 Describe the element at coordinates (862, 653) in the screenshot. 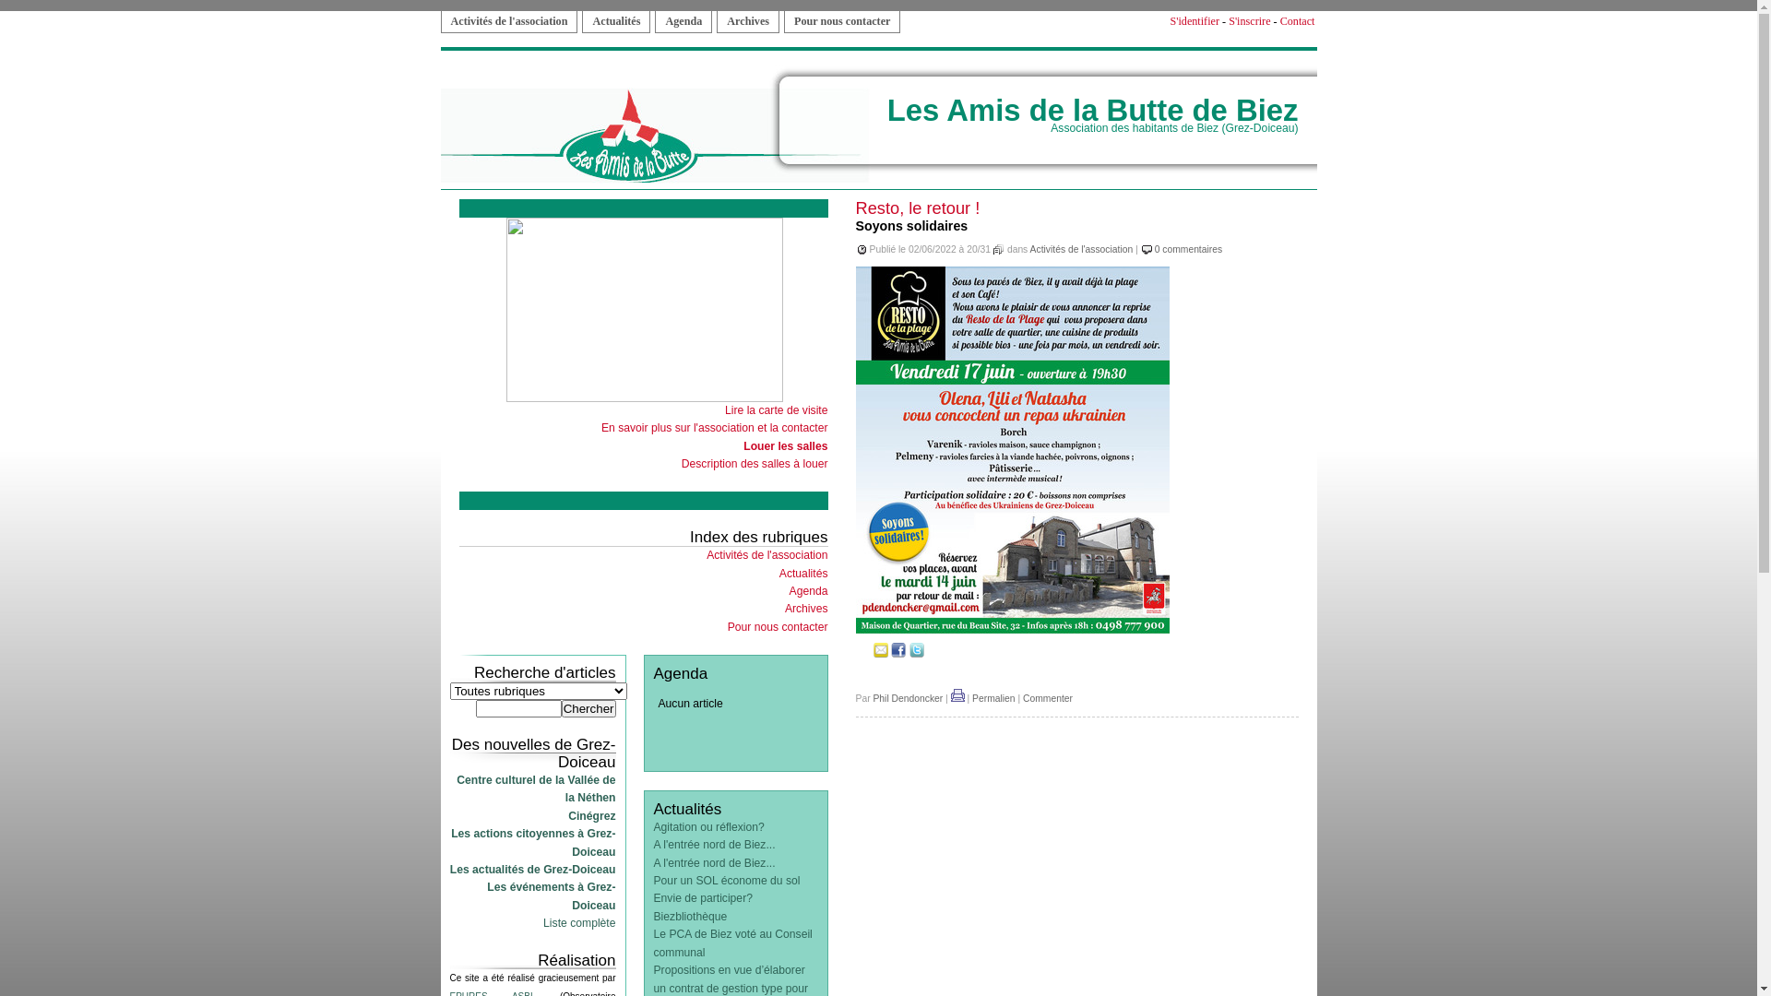

I see `'Ajouter aux favoris'` at that location.